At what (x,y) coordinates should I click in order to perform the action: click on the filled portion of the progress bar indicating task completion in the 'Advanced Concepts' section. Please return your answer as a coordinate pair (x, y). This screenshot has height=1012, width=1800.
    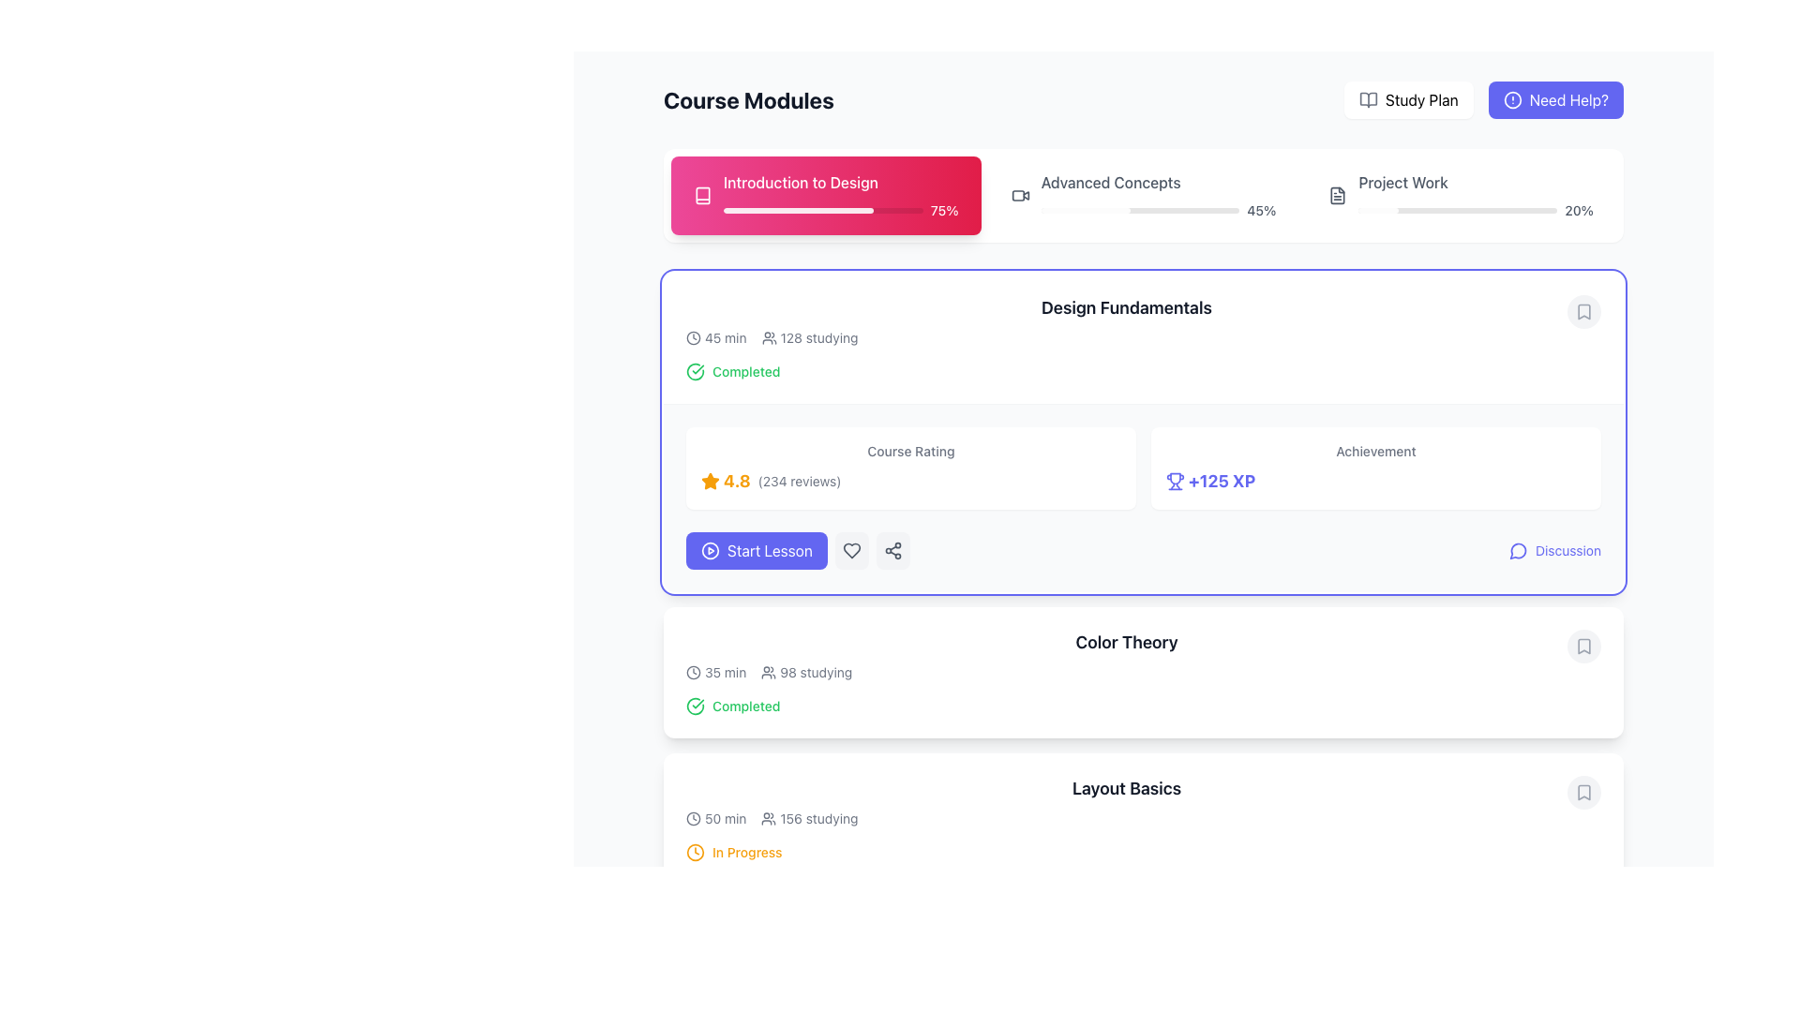
    Looking at the image, I should click on (1086, 210).